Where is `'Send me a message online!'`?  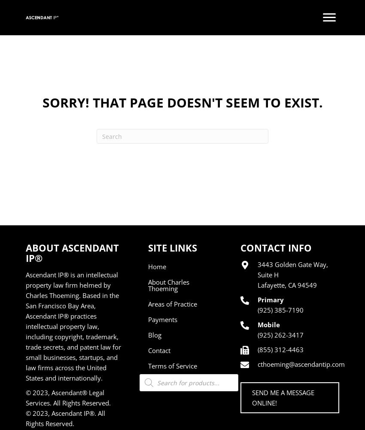 'Send me a message online!' is located at coordinates (283, 398).